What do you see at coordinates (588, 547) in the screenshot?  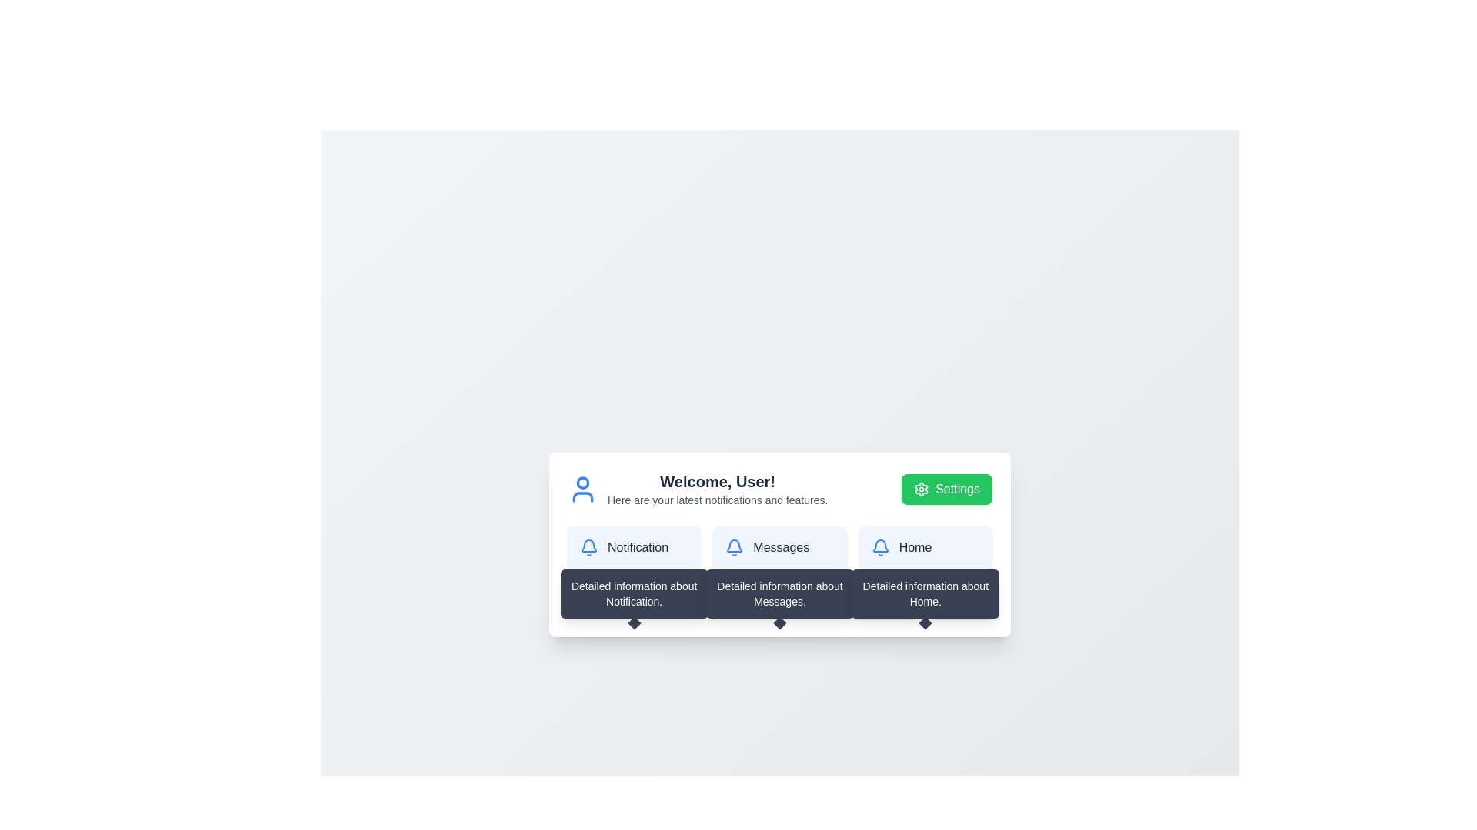 I see `the blue notification bell icon on the leftmost side of the horizontal section` at bounding box center [588, 547].